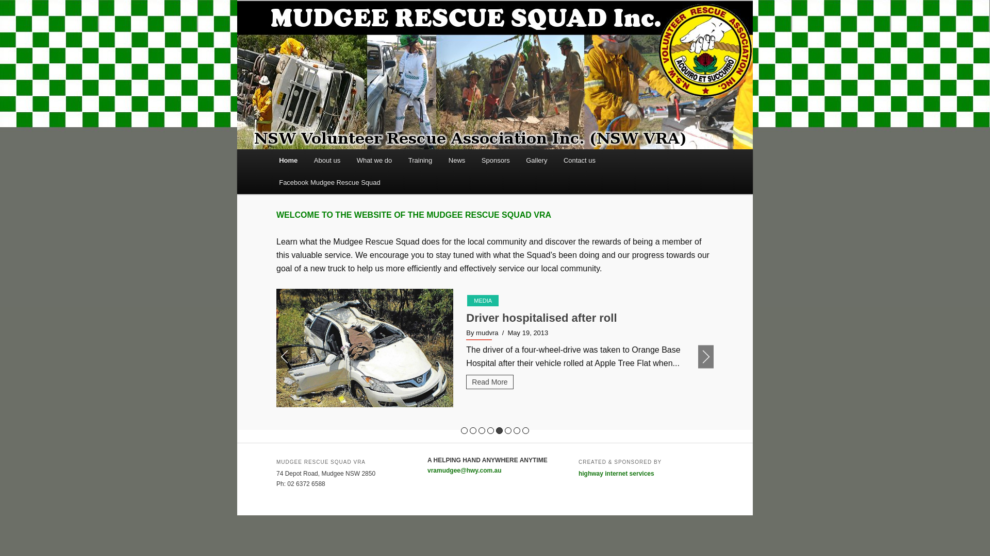 This screenshot has width=990, height=556. What do you see at coordinates (490, 430) in the screenshot?
I see `'4'` at bounding box center [490, 430].